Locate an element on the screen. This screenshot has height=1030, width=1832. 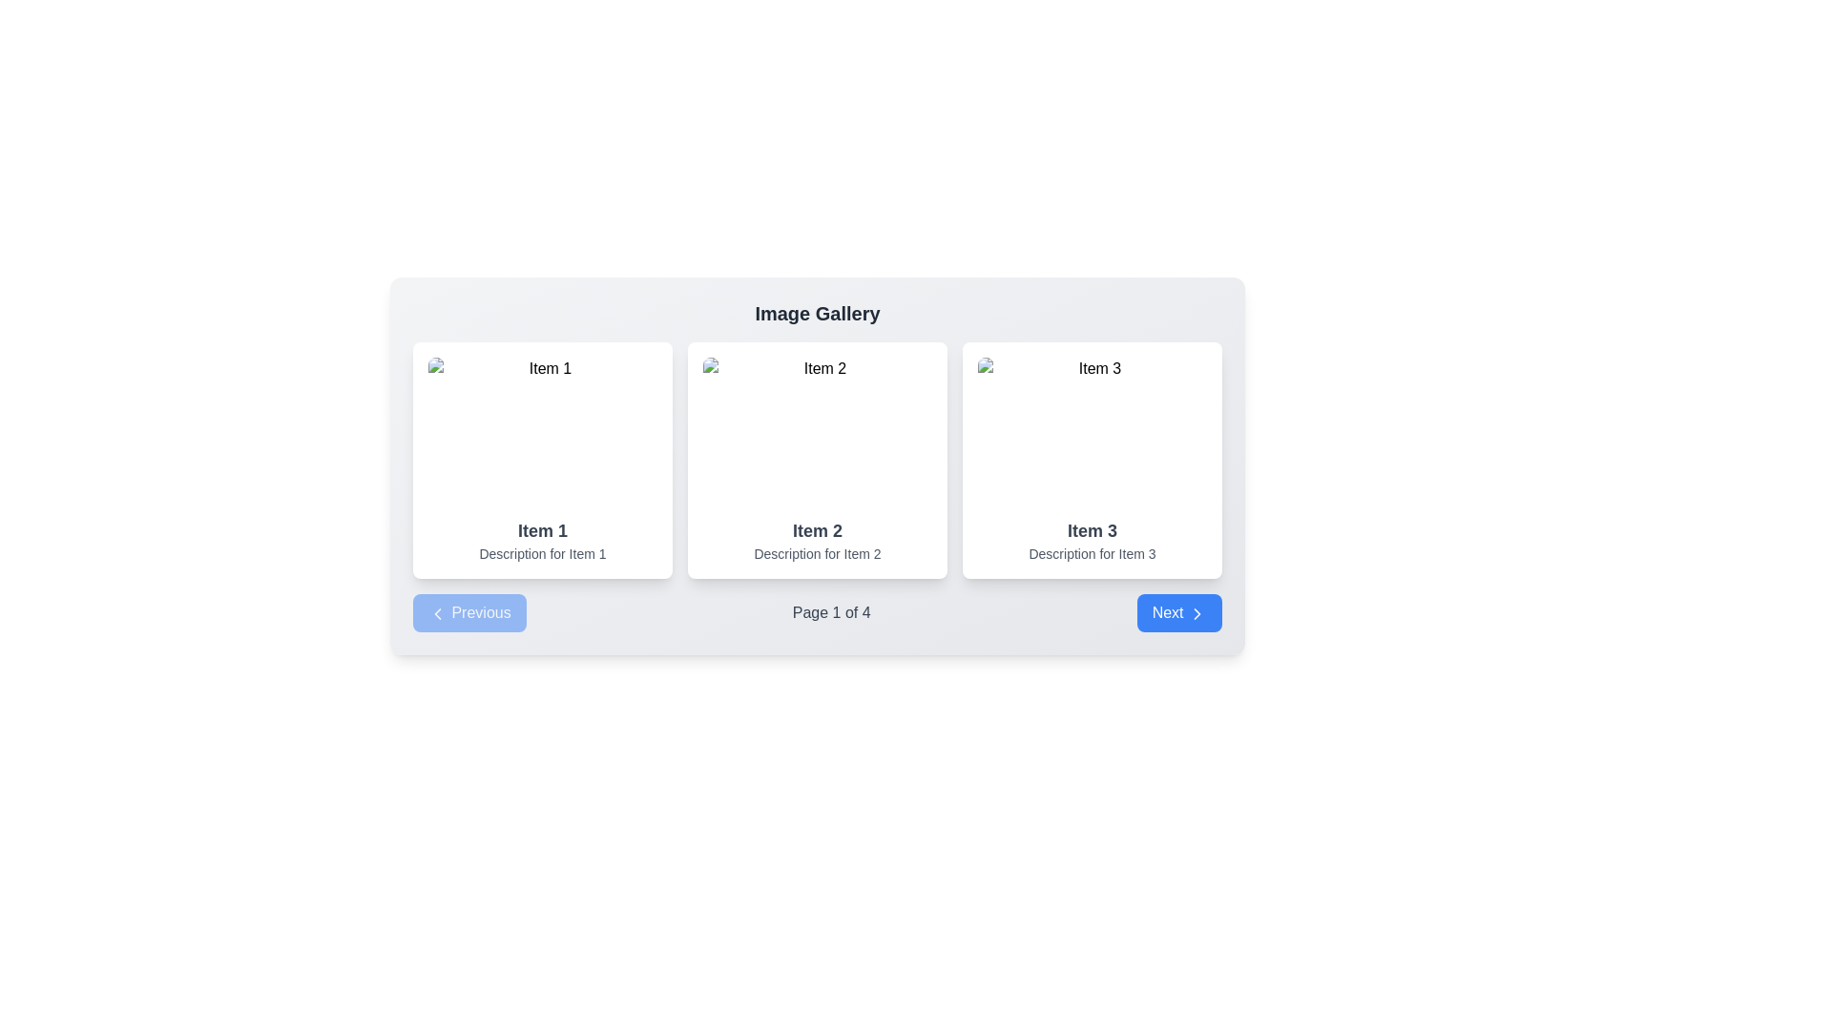
the text label 'Description for Item 2' styled in subdued gray font, located under the bold title 'Item 2' in the central card of a three-card grid layout is located at coordinates (818, 554).